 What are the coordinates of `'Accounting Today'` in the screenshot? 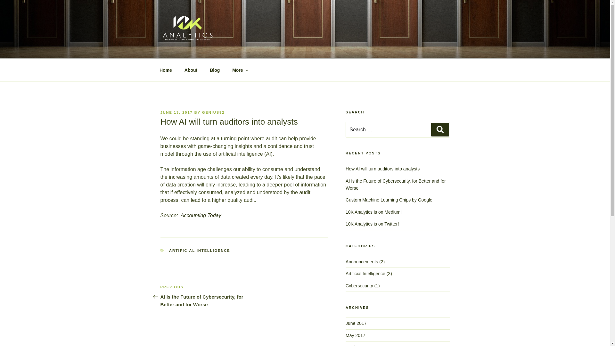 It's located at (201, 215).